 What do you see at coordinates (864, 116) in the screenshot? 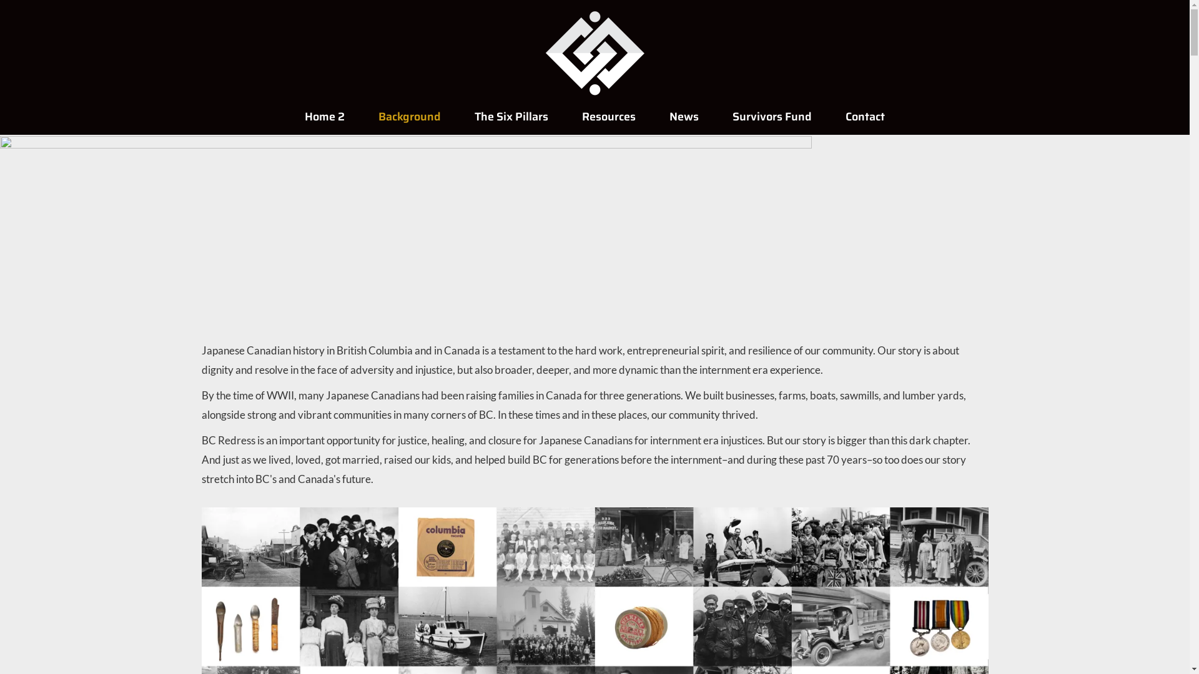
I see `'Contact'` at bounding box center [864, 116].